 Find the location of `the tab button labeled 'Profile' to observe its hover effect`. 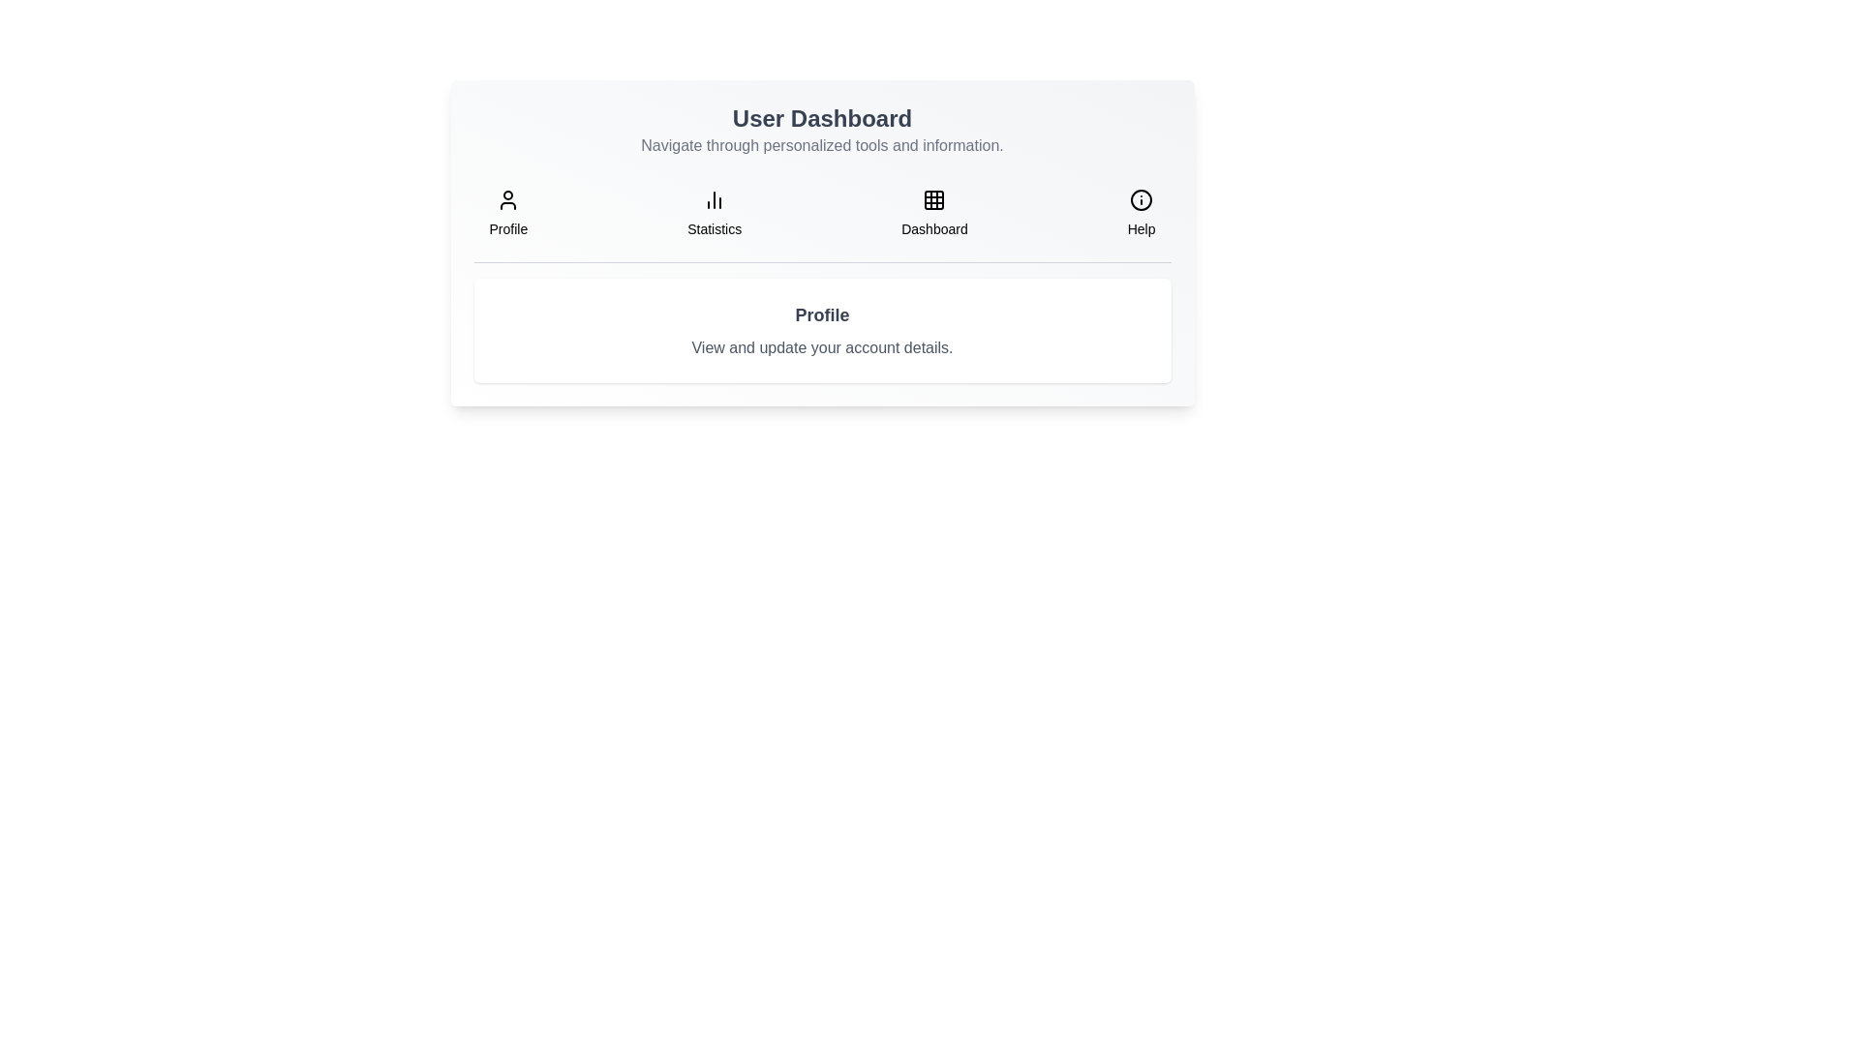

the tab button labeled 'Profile' to observe its hover effect is located at coordinates (508, 213).